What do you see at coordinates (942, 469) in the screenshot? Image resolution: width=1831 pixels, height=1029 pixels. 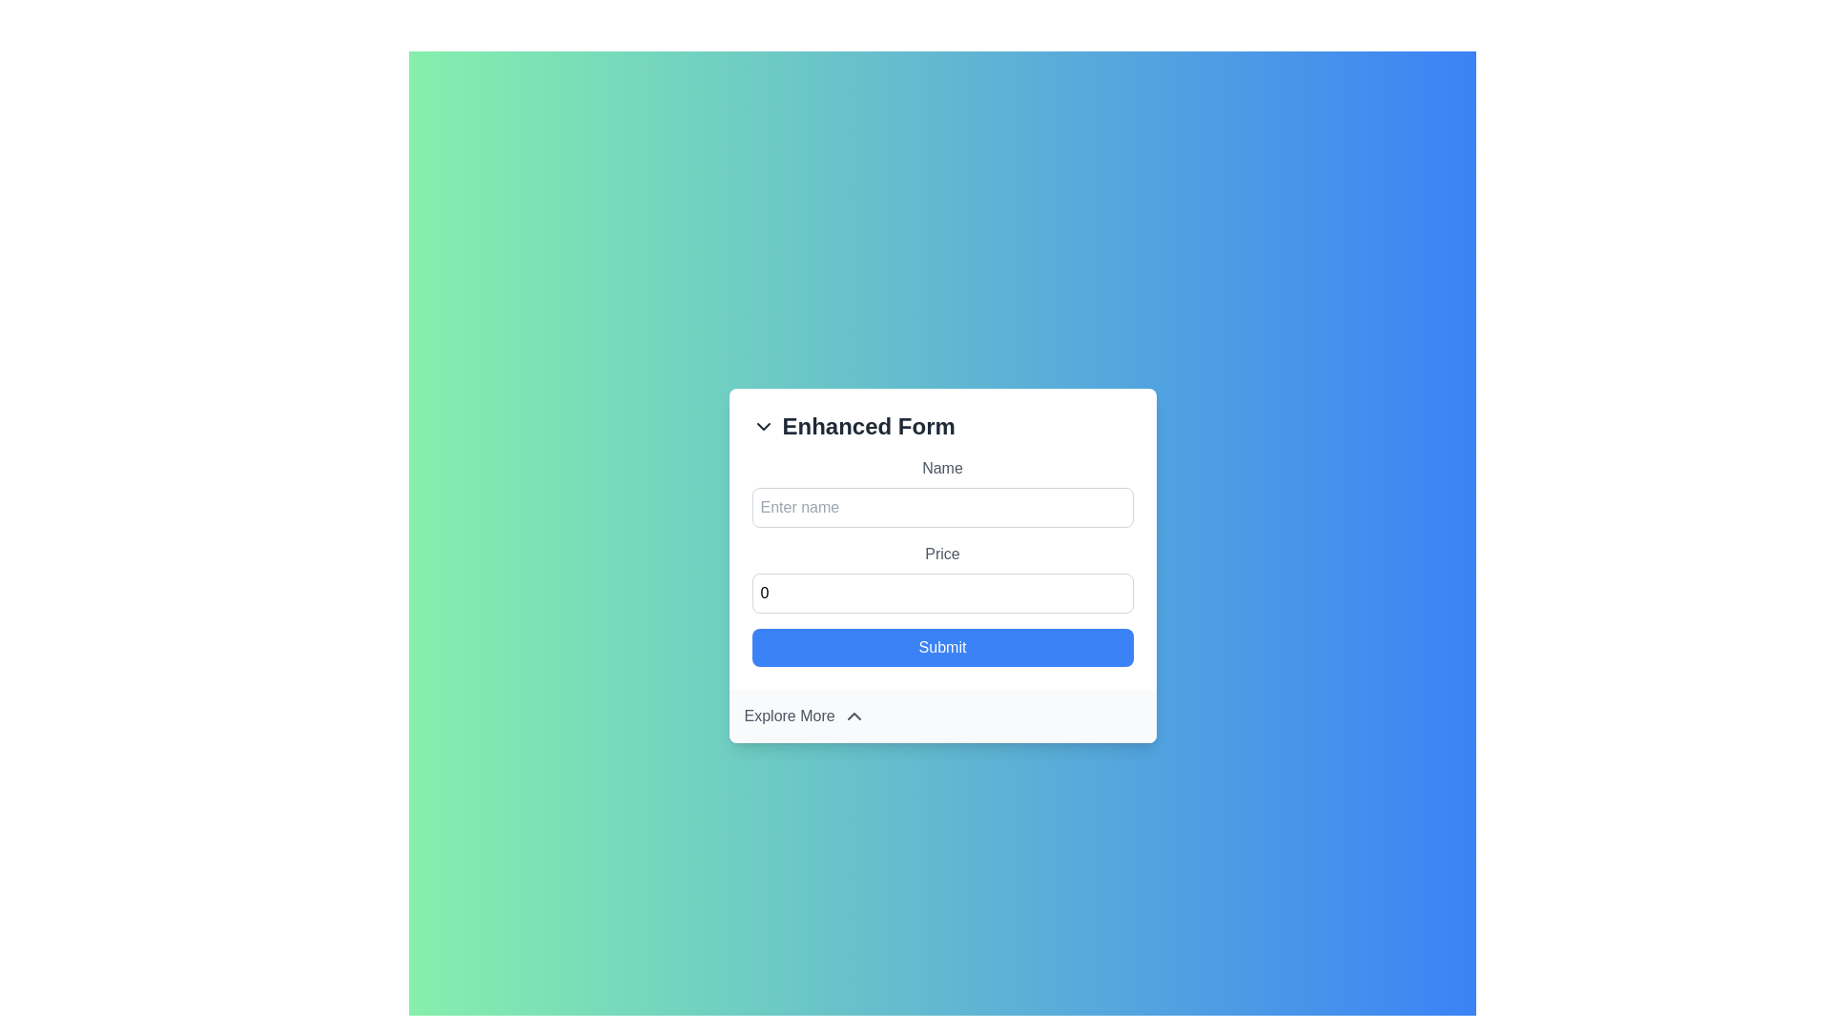 I see `the 'Name' label text, which is styled in gray and positioned above the input field in the central form component` at bounding box center [942, 469].